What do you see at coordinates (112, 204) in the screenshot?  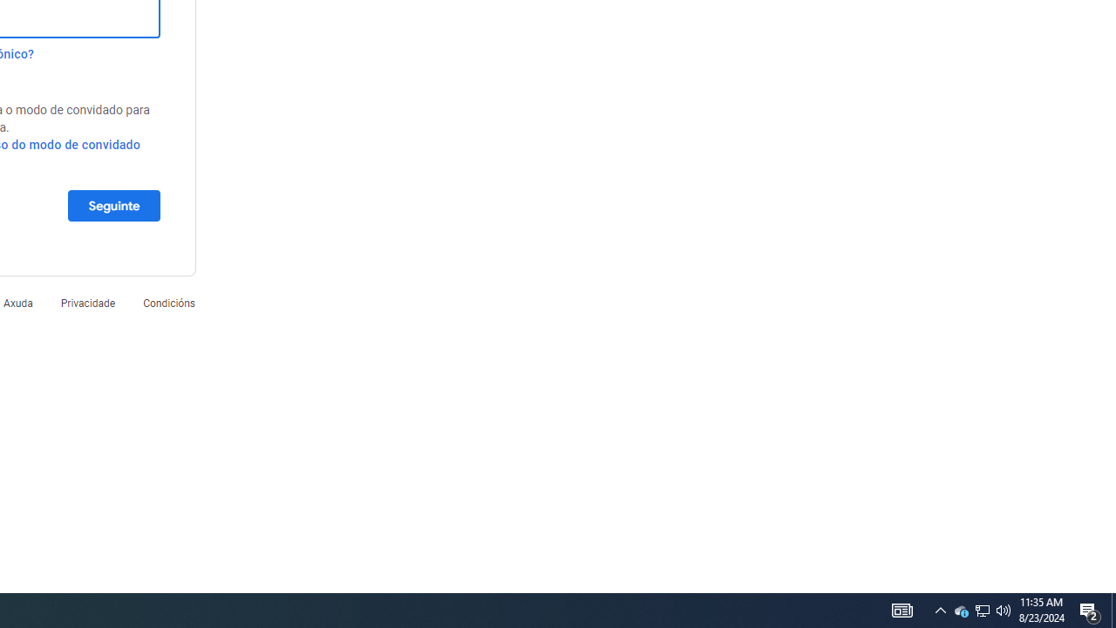 I see `'Seguinte'` at bounding box center [112, 204].